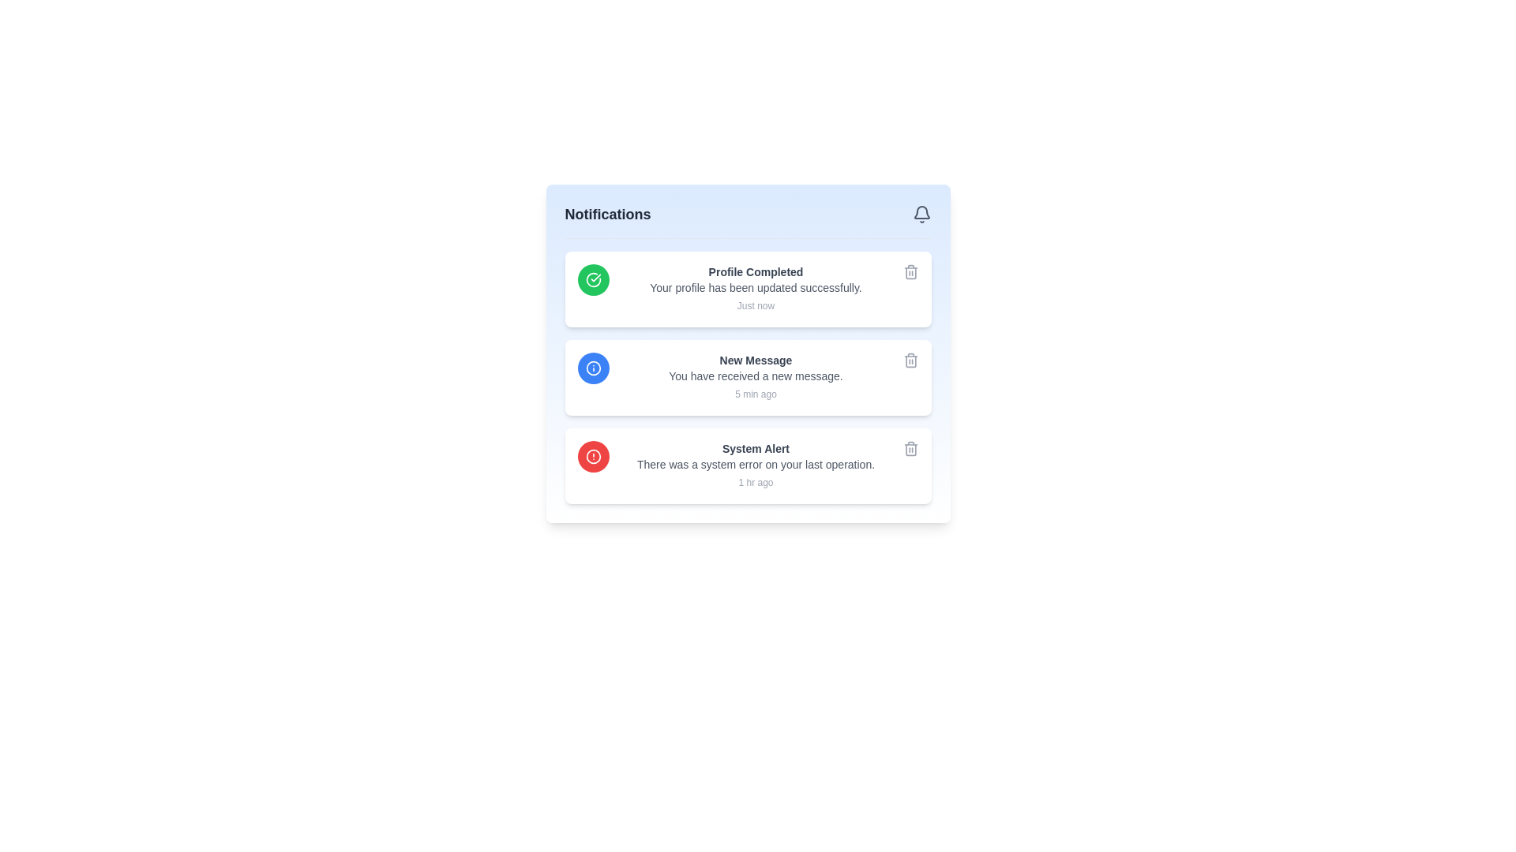 This screenshot has height=852, width=1516. Describe the element at coordinates (910, 449) in the screenshot. I see `the delete button for the notification card that allows the user to remove the notification, located at the far right within the notification card aligned with 'System Alert'` at that location.